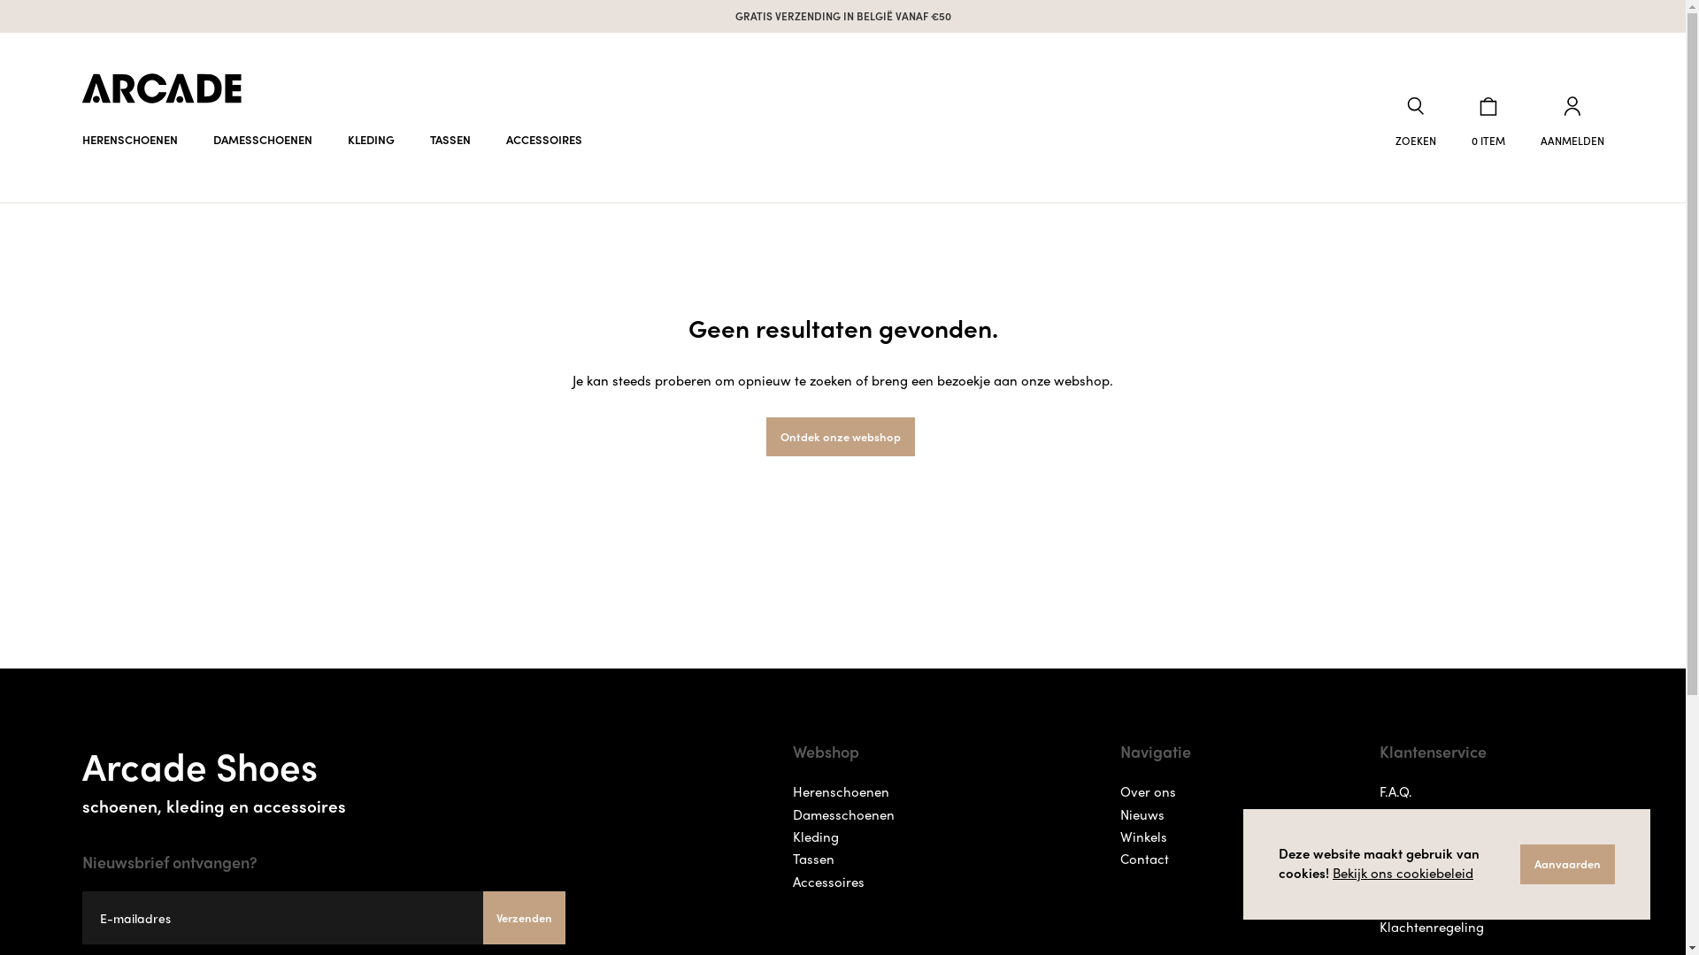 The height and width of the screenshot is (955, 1699). Describe the element at coordinates (827, 882) in the screenshot. I see `'Accessoires'` at that location.